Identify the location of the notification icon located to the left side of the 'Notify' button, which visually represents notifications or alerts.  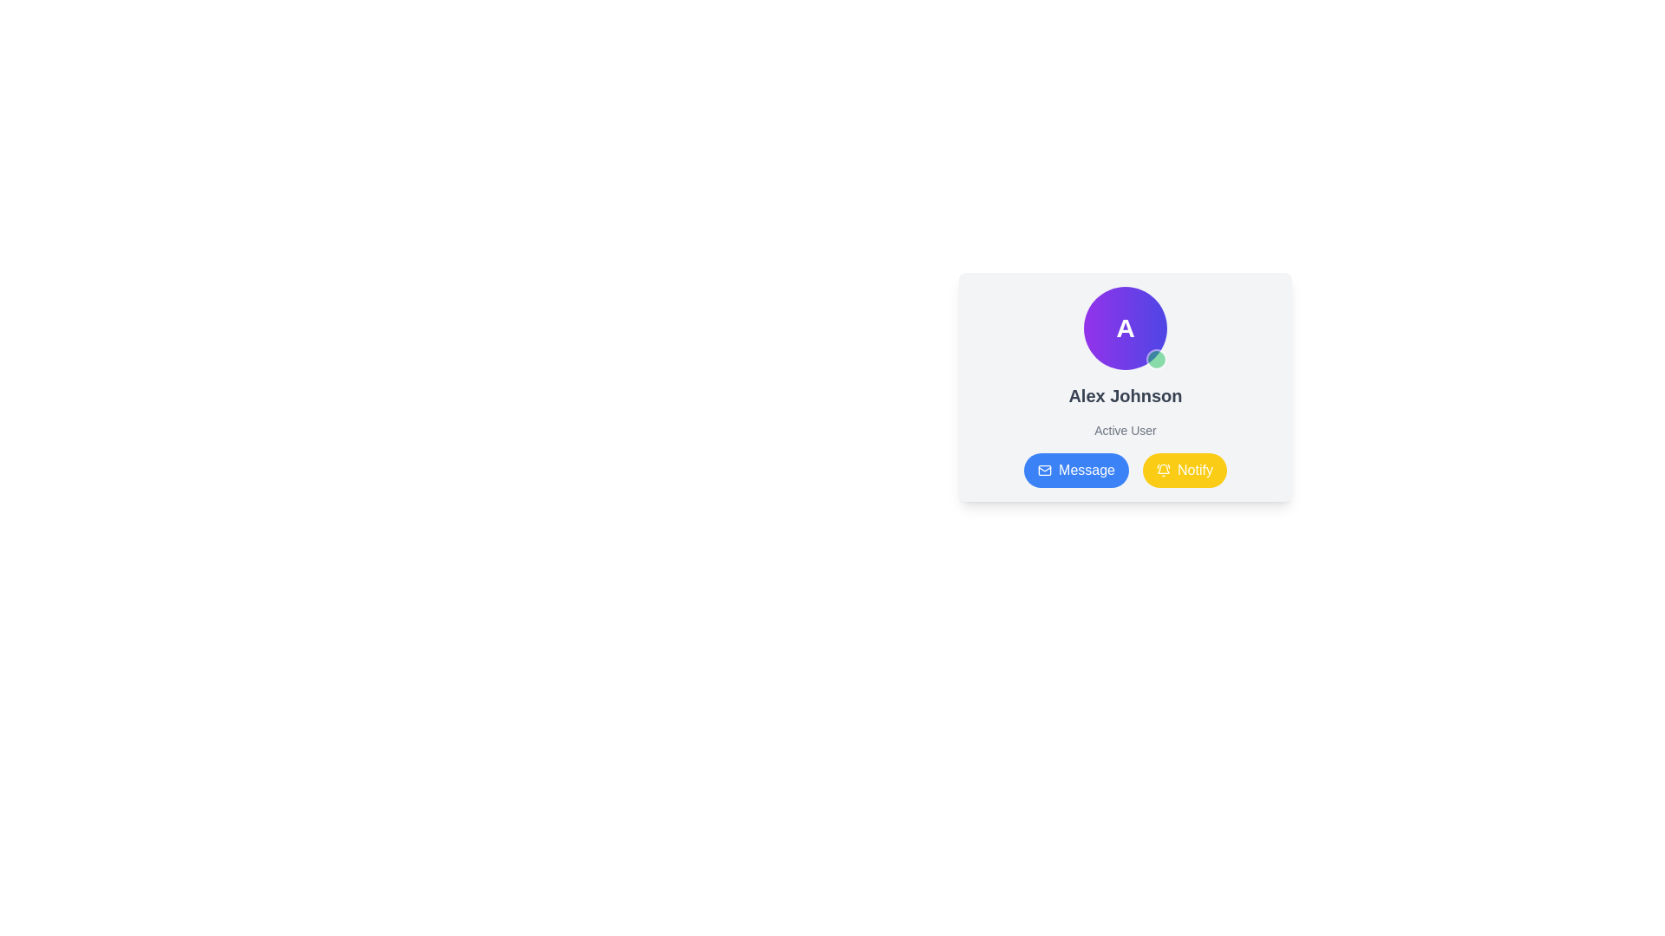
(1164, 471).